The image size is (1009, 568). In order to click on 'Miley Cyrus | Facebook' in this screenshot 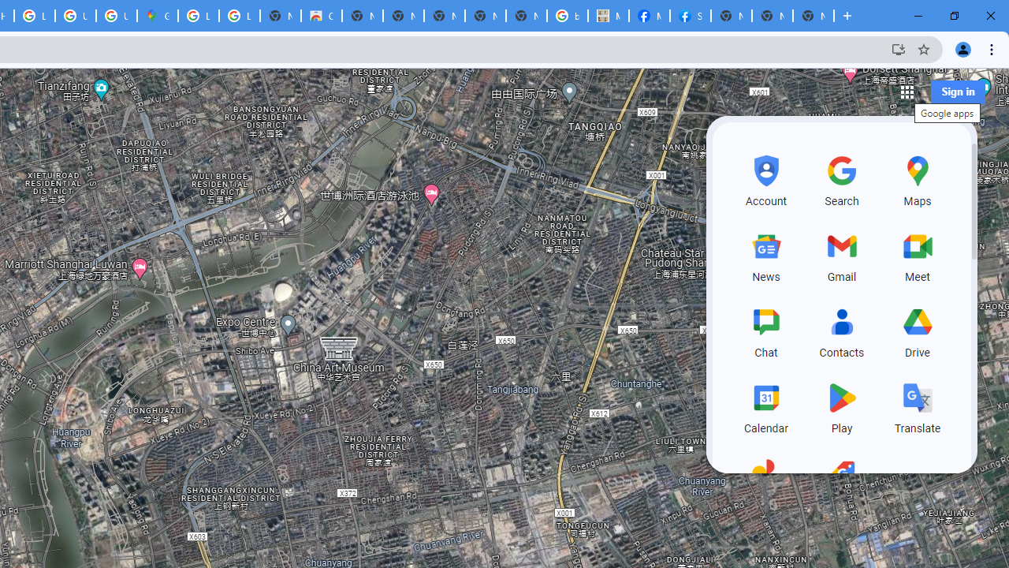, I will do `click(649, 16)`.